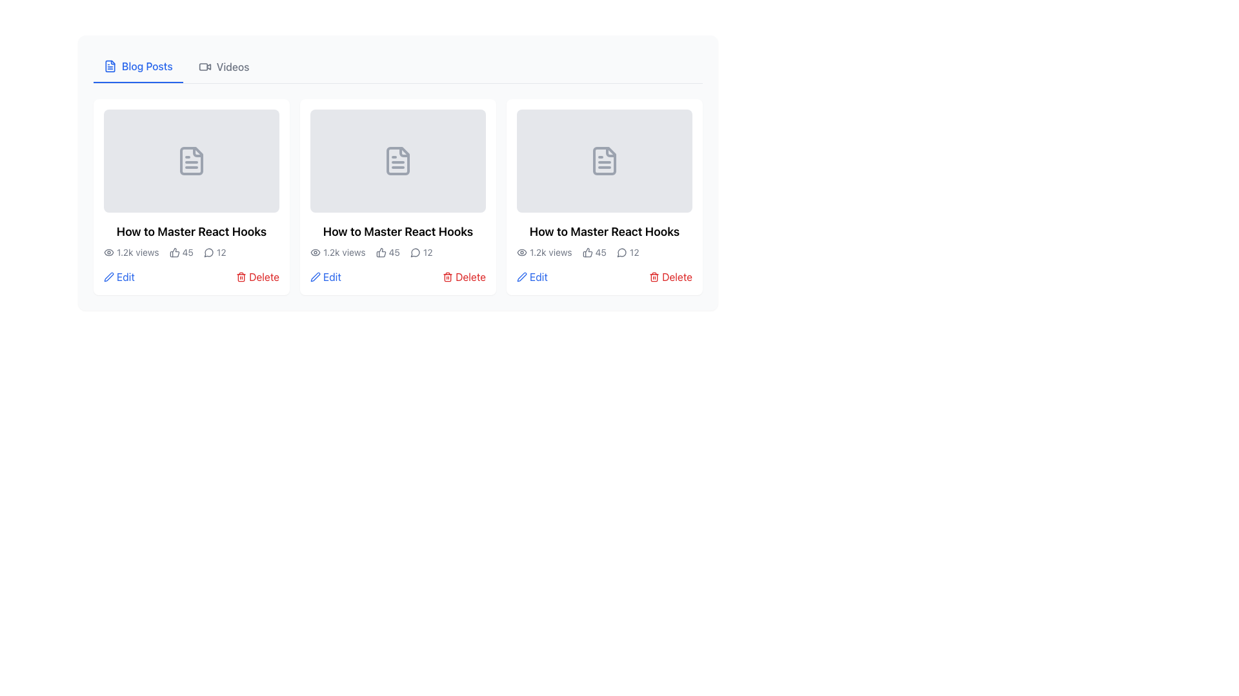 This screenshot has height=696, width=1239. What do you see at coordinates (191, 253) in the screenshot?
I see `the text display with decorative icons located at the bottom section of the card titled 'How to Master React Hooks'` at bounding box center [191, 253].